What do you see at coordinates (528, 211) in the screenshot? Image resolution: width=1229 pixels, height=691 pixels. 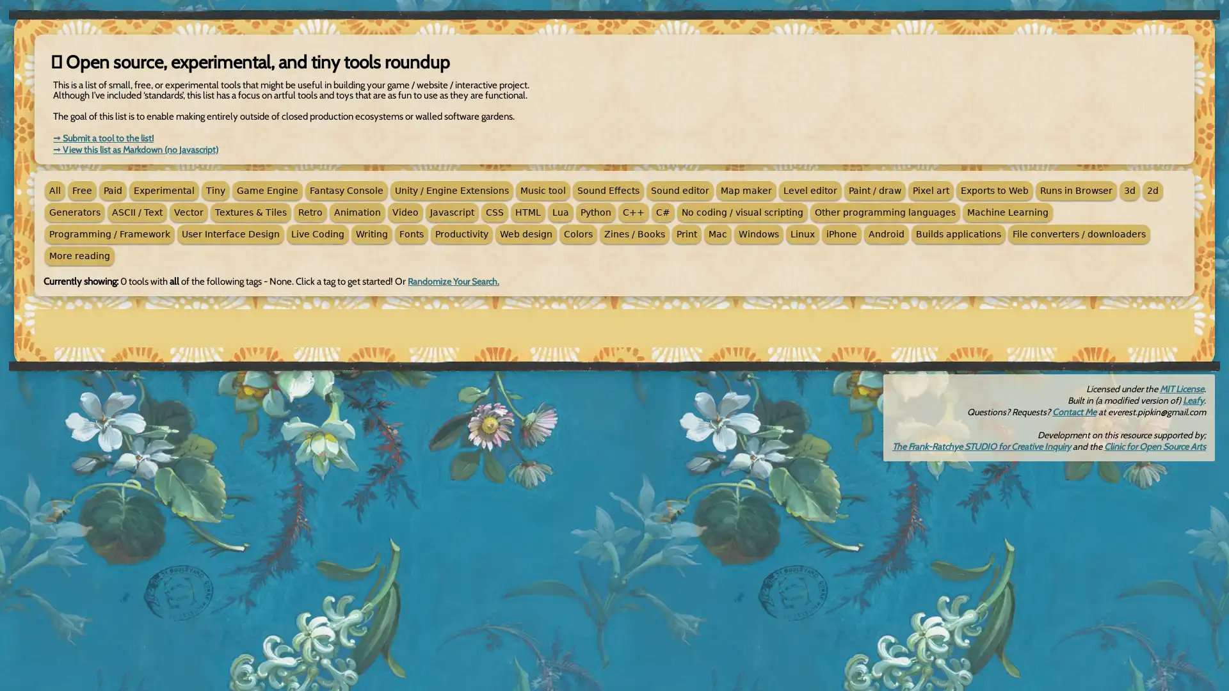 I see `HTML` at bounding box center [528, 211].